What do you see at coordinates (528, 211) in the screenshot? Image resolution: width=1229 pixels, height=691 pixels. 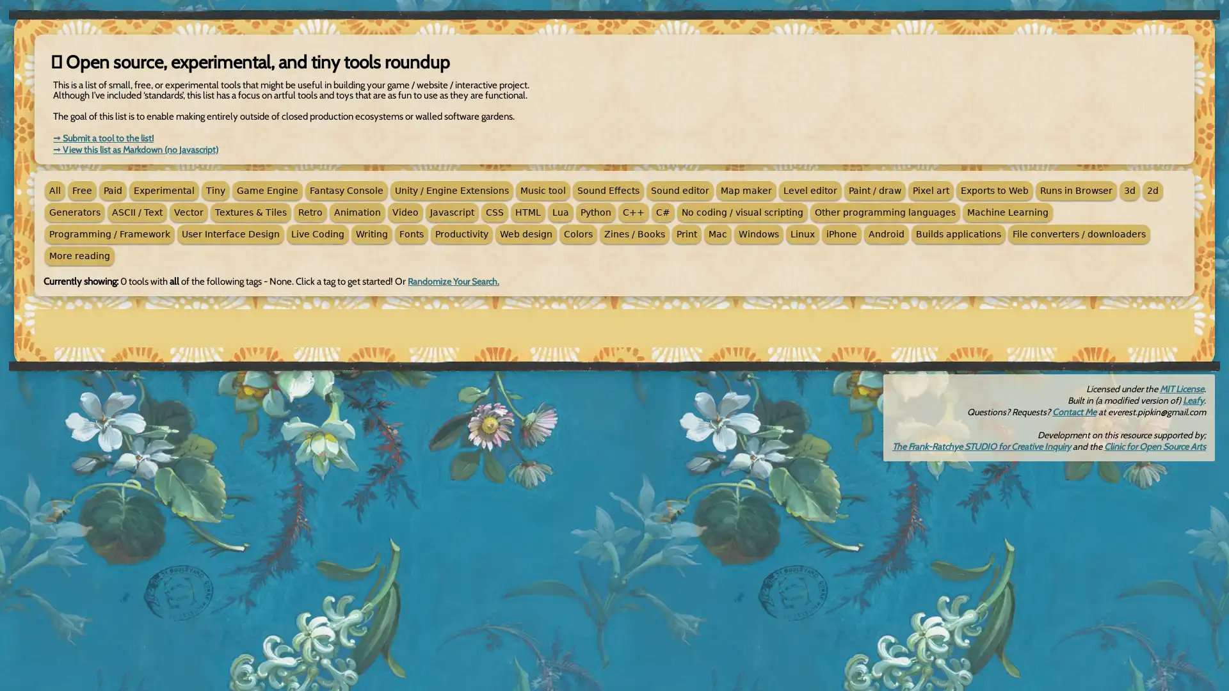 I see `HTML` at bounding box center [528, 211].